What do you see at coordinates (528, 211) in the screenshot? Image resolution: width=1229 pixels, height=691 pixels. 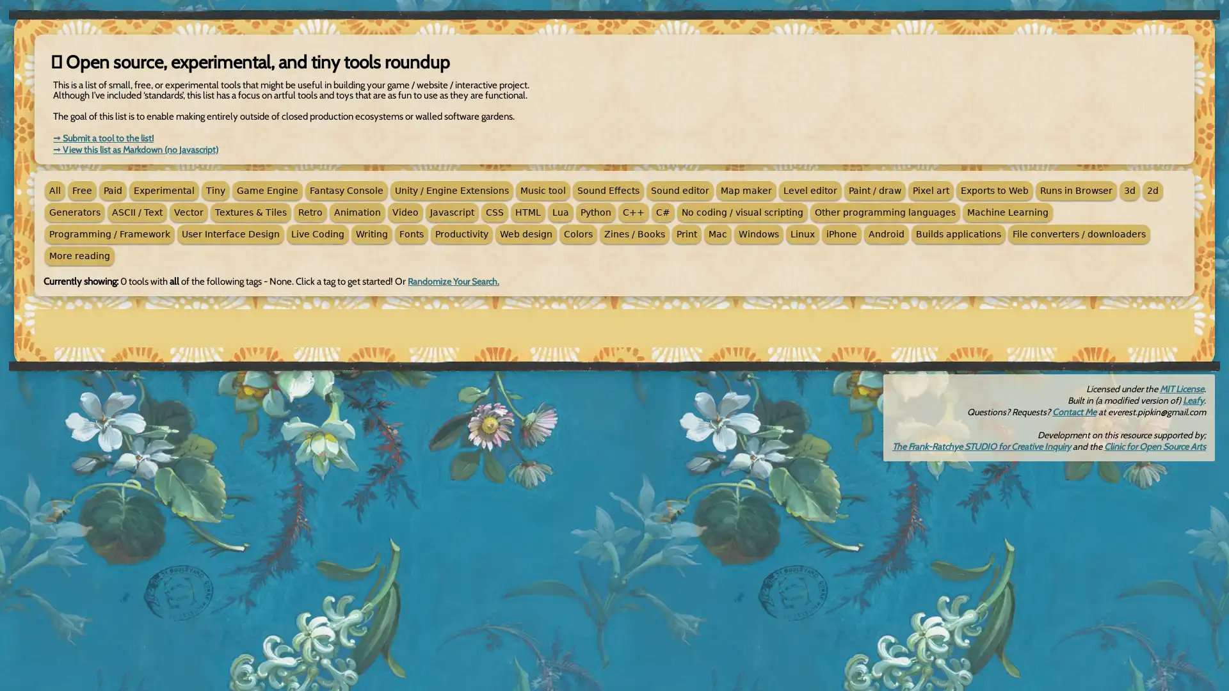 I see `HTML` at bounding box center [528, 211].